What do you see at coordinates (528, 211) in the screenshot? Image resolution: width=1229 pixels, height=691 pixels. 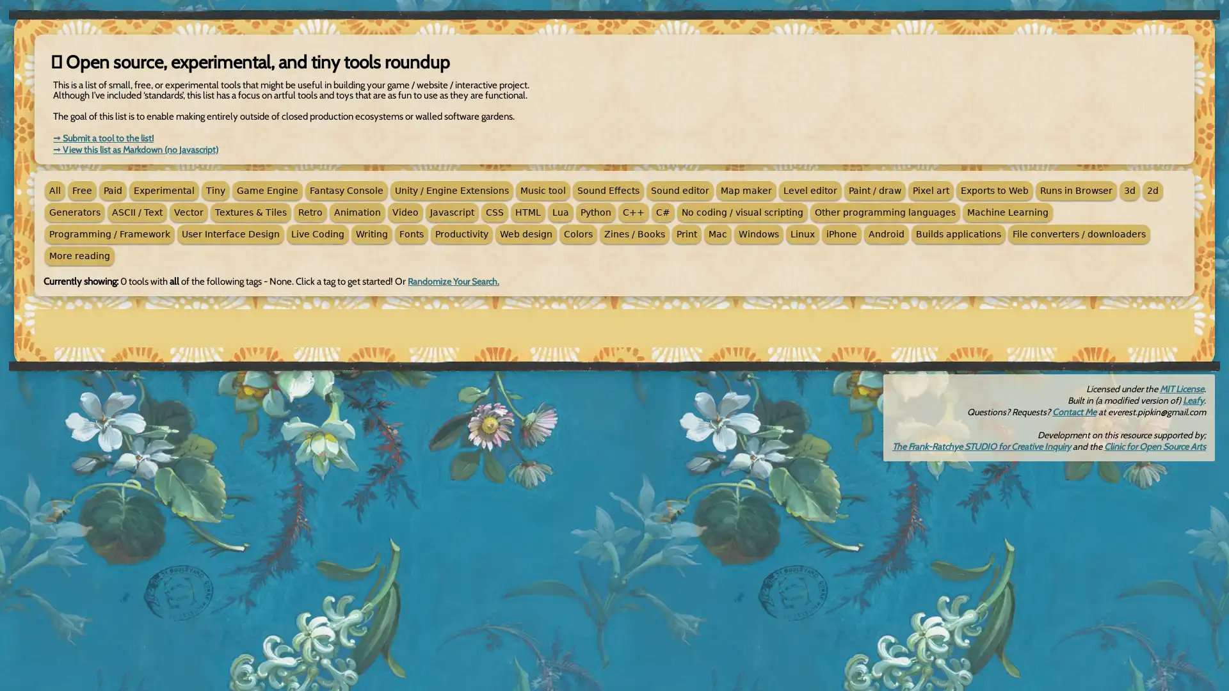 I see `HTML` at bounding box center [528, 211].